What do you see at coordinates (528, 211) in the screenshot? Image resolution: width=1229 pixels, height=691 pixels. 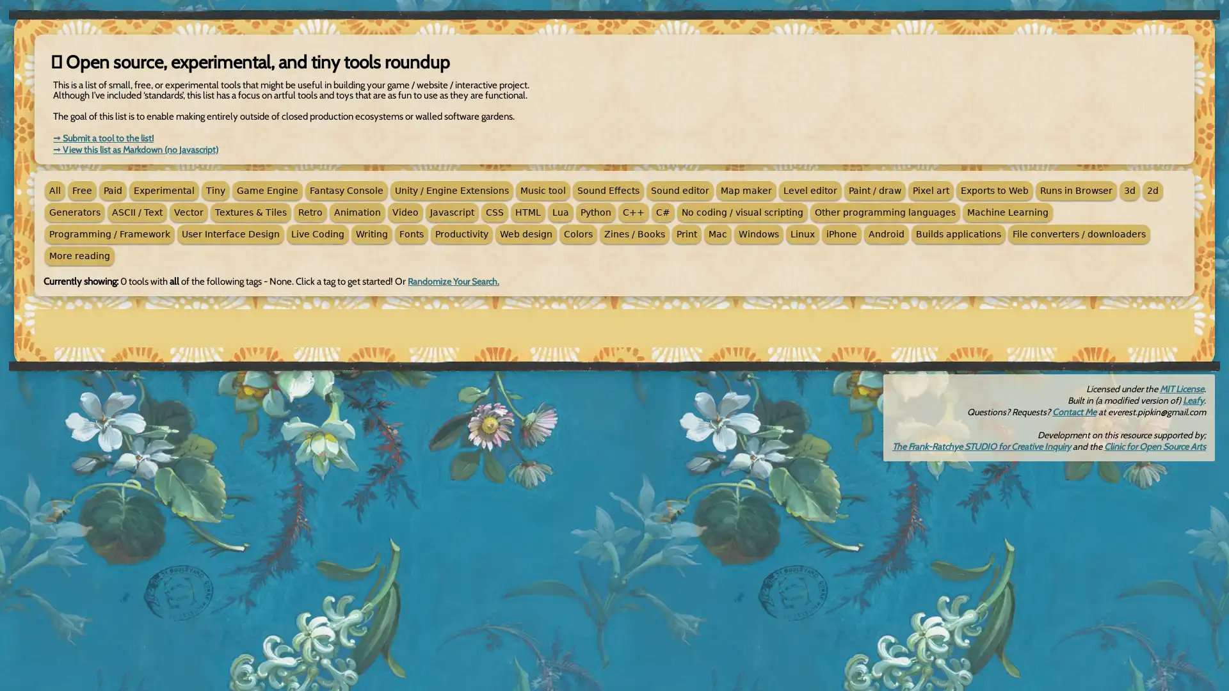 I see `HTML` at bounding box center [528, 211].